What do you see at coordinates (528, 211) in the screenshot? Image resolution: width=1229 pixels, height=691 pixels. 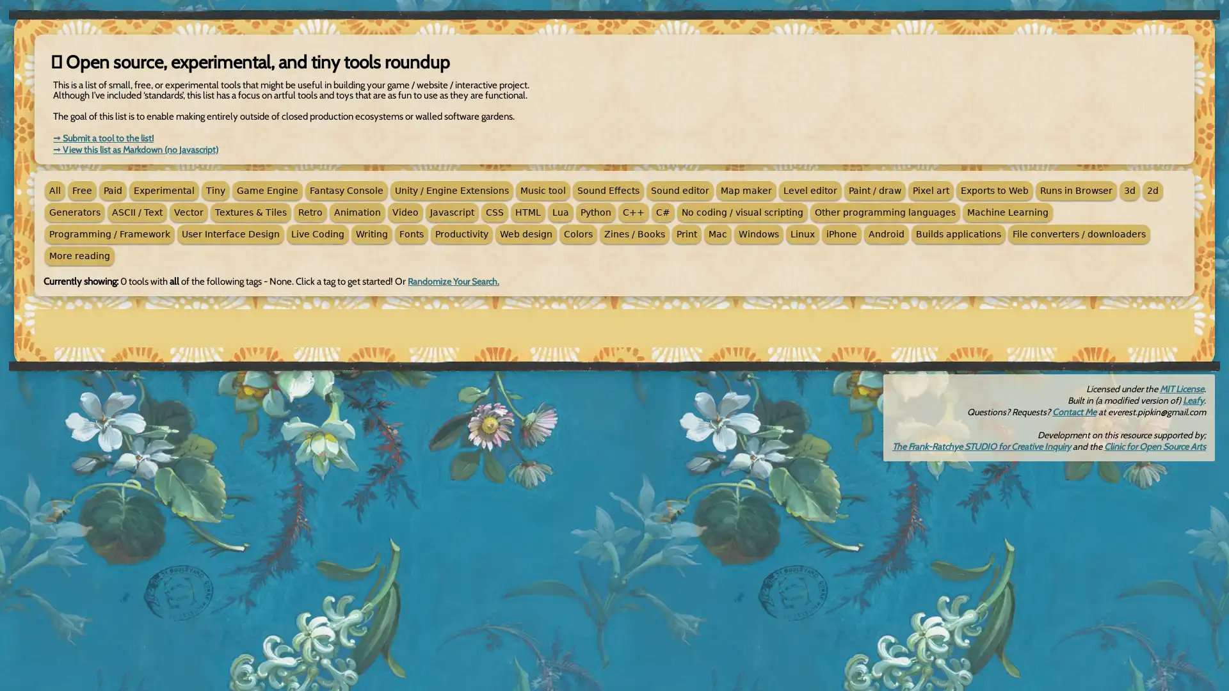 I see `HTML` at bounding box center [528, 211].